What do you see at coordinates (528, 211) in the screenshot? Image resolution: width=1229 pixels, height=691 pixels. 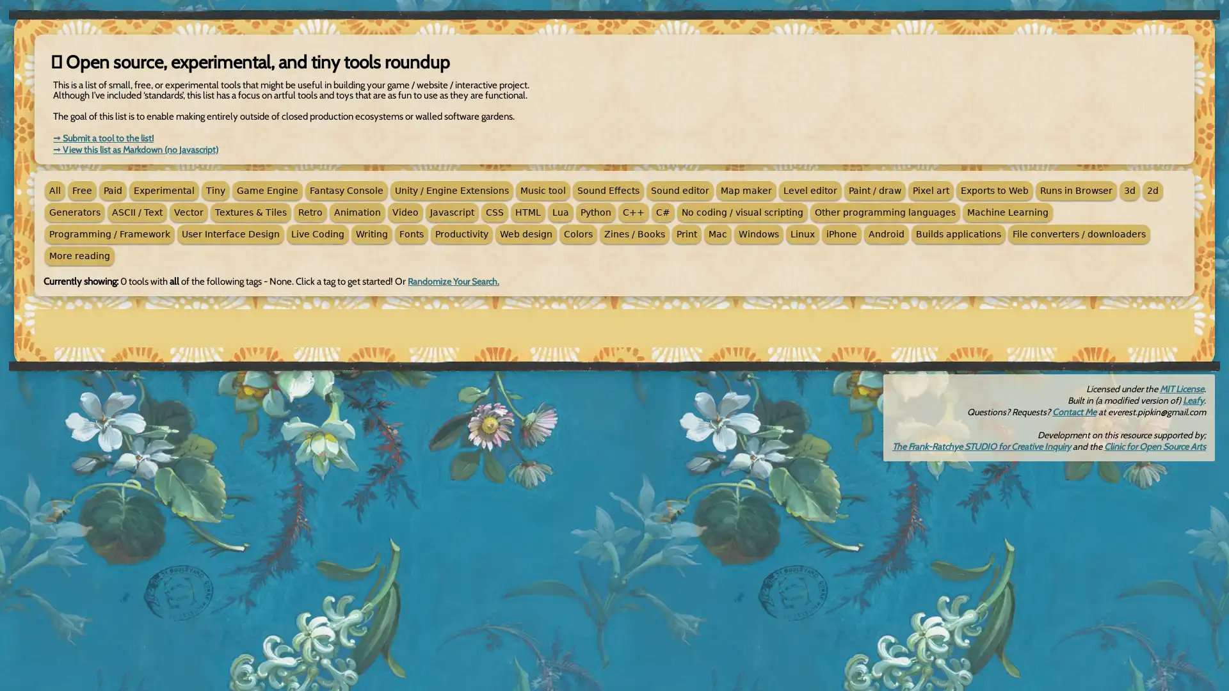 I see `HTML` at bounding box center [528, 211].